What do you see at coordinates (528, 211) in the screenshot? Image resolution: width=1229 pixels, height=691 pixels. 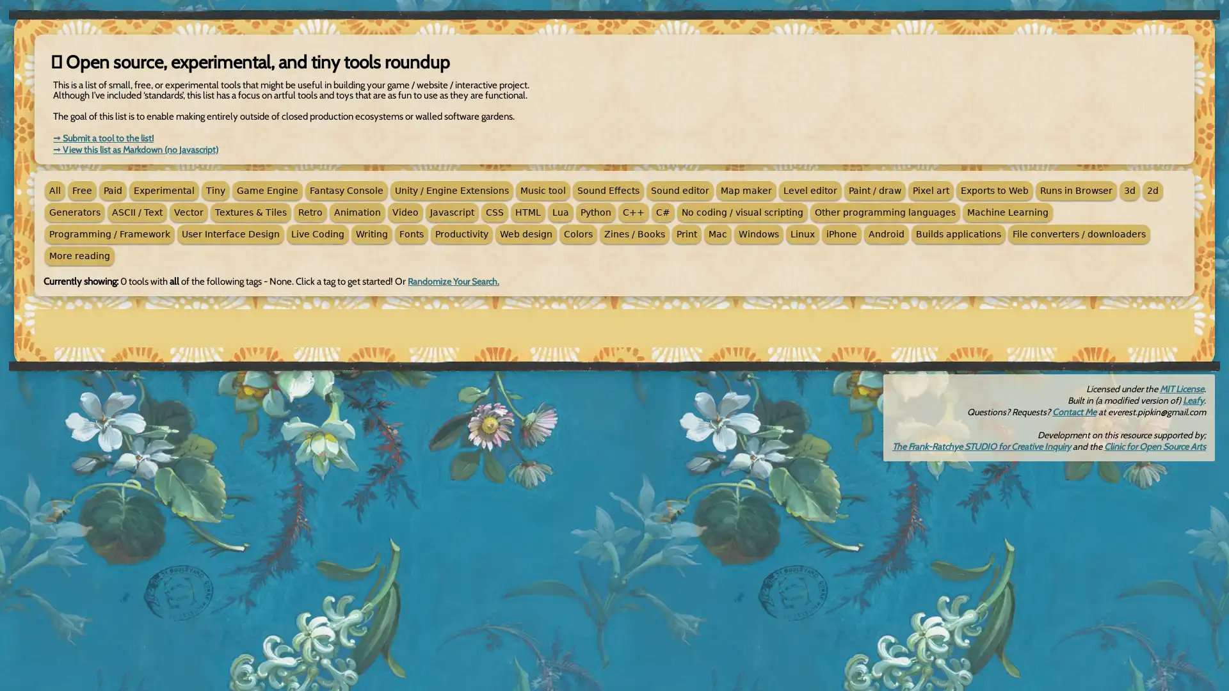 I see `HTML` at bounding box center [528, 211].